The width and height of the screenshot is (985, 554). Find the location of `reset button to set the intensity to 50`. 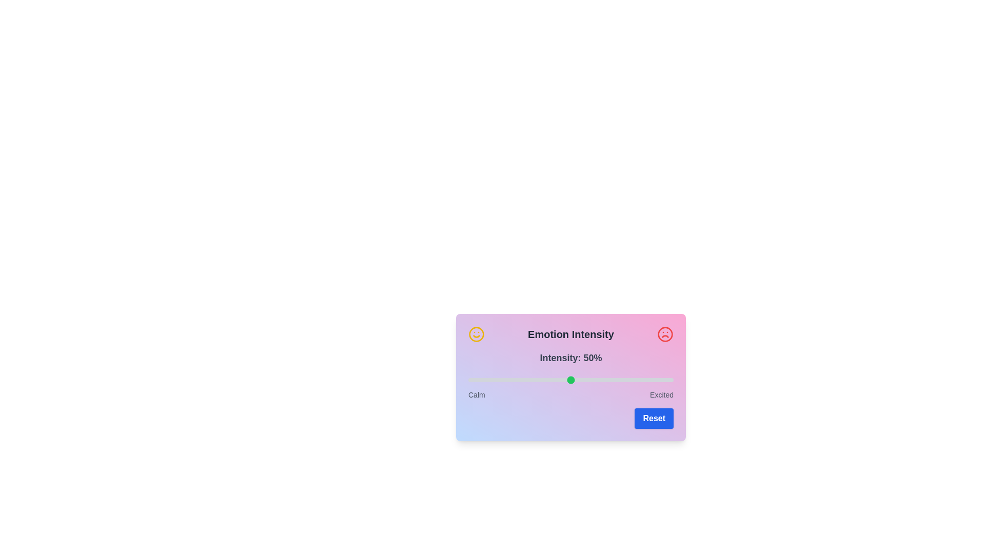

reset button to set the intensity to 50 is located at coordinates (654, 419).